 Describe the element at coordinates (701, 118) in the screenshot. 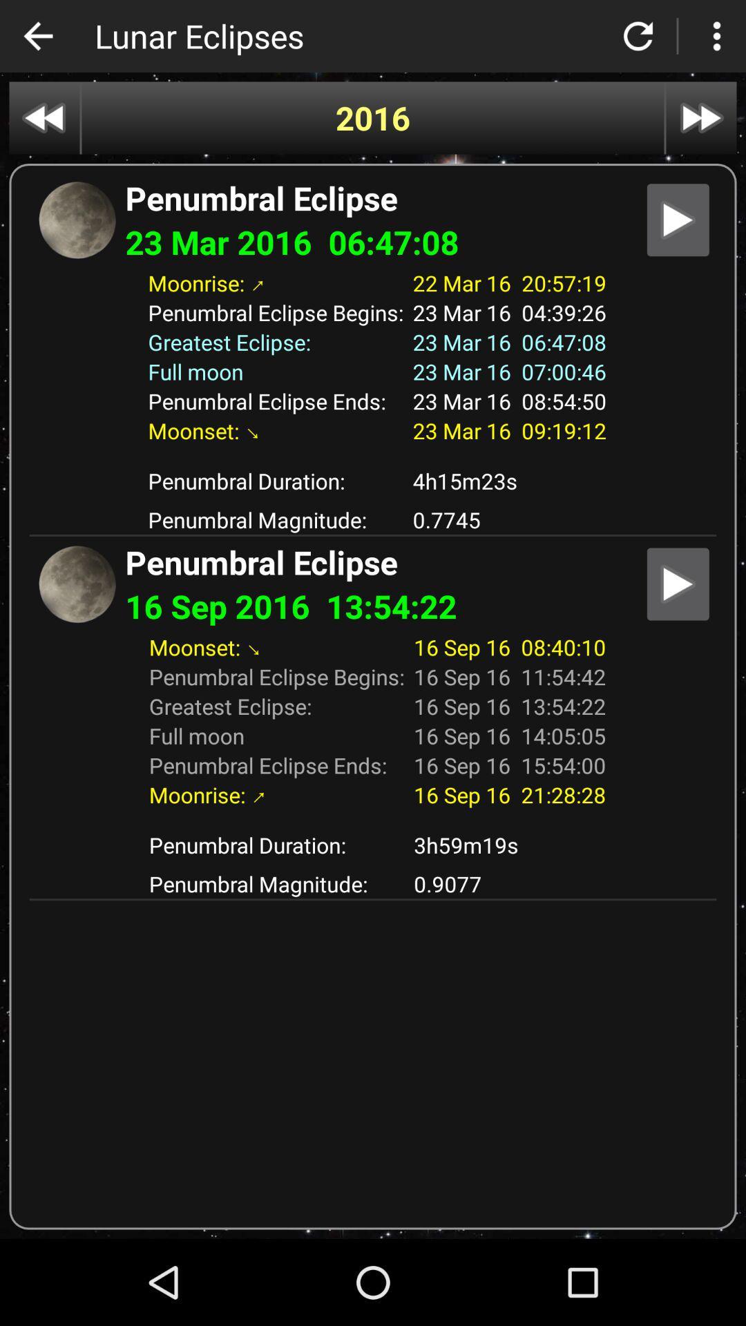

I see `forward to next year` at that location.